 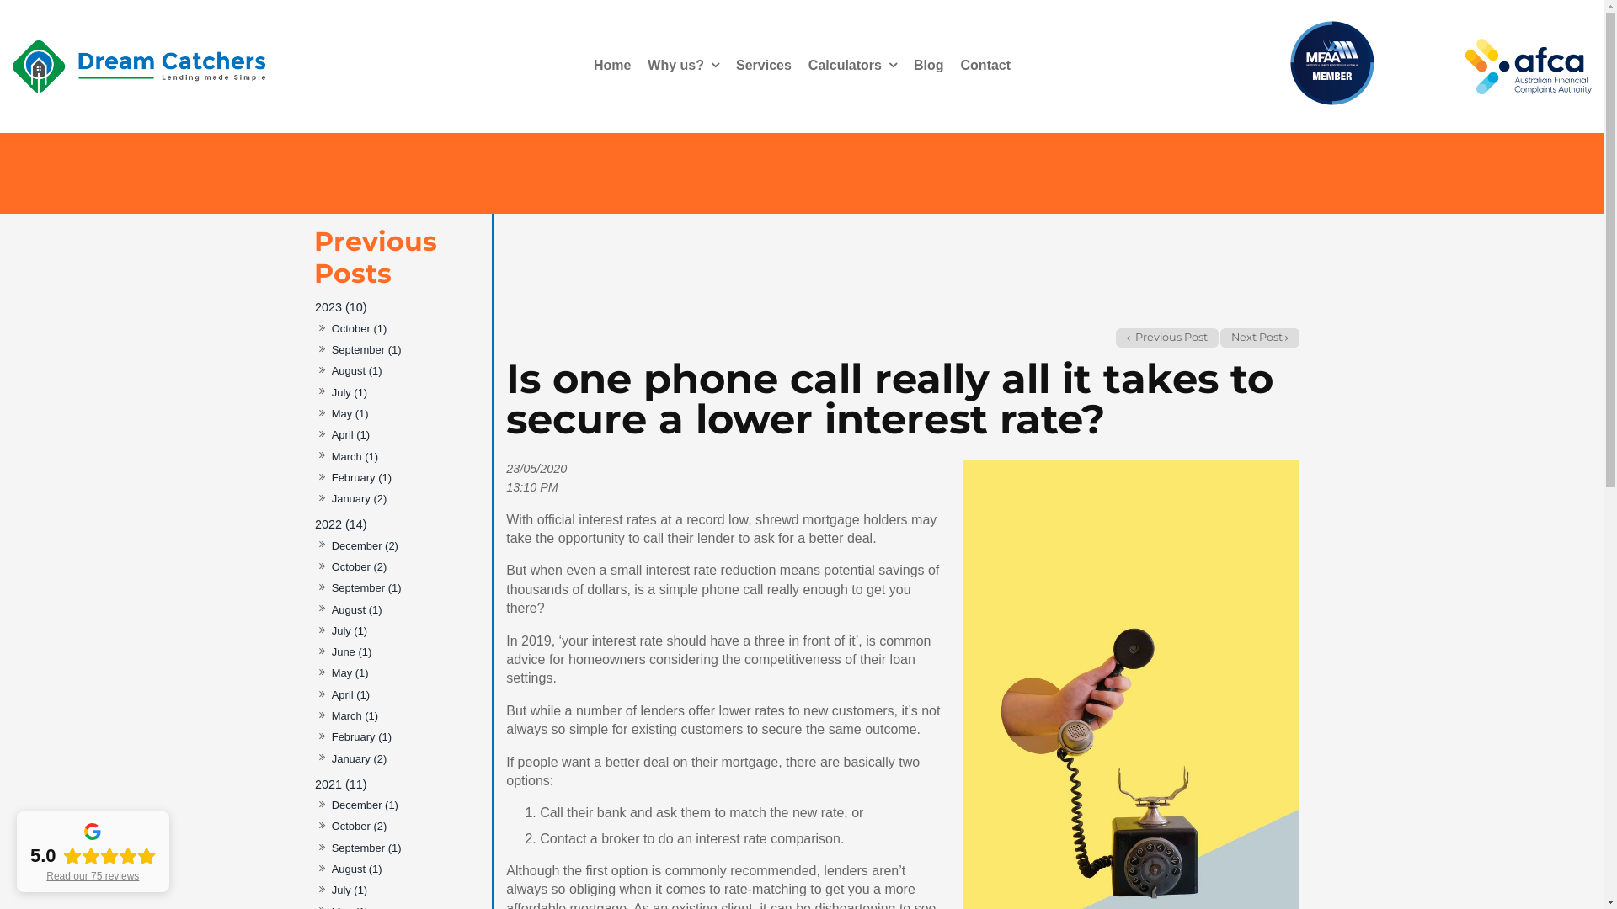 What do you see at coordinates (1220, 338) in the screenshot?
I see `'Next Post'` at bounding box center [1220, 338].